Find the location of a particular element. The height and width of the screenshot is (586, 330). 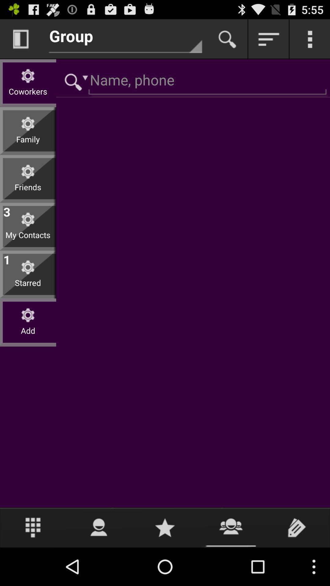

choose sort method is located at coordinates (268, 39).